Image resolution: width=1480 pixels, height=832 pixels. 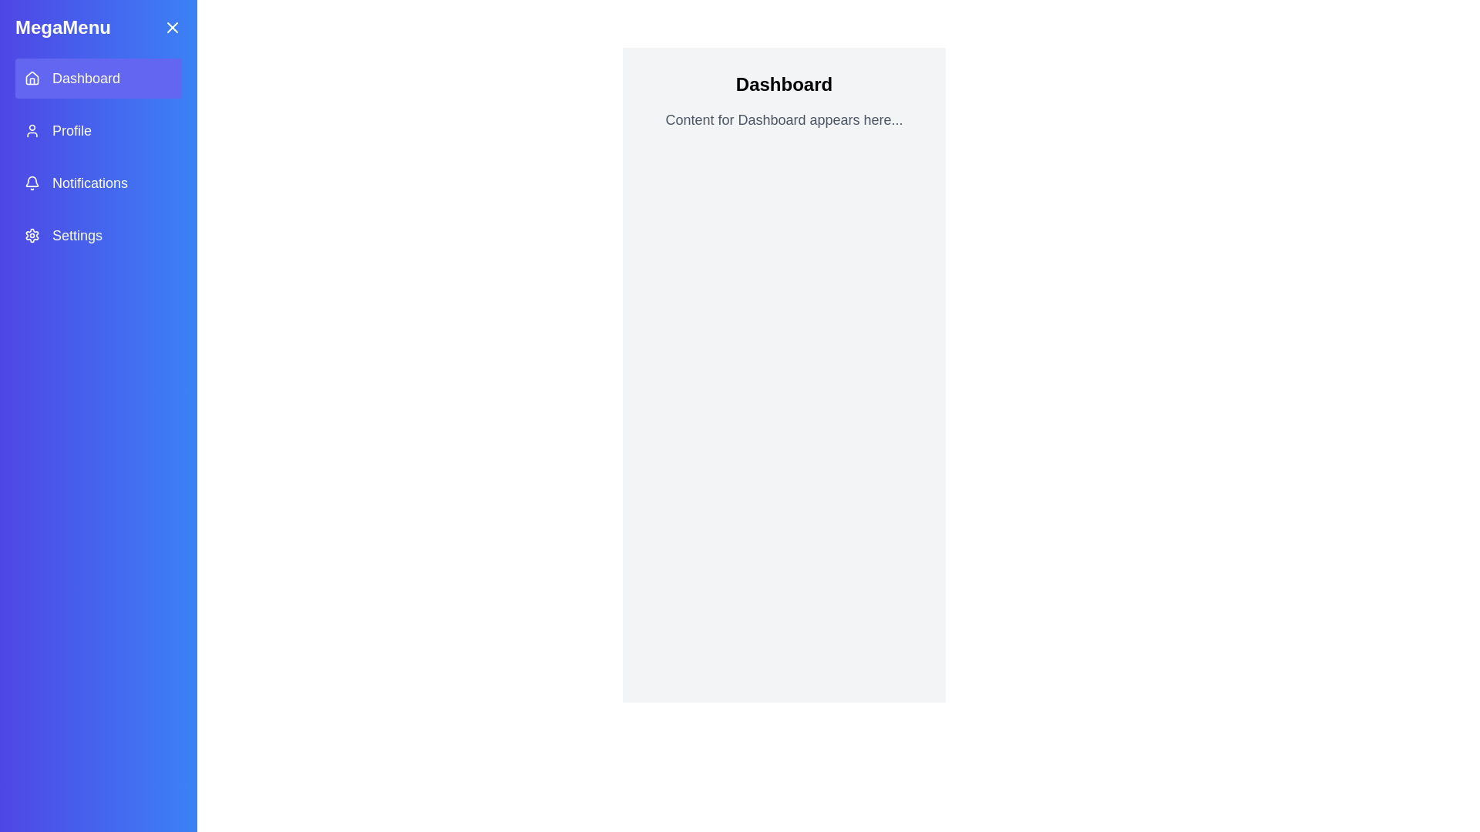 I want to click on the static text heading element, which serves as the title for the section, providing context about the displayed content, so click(x=784, y=85).